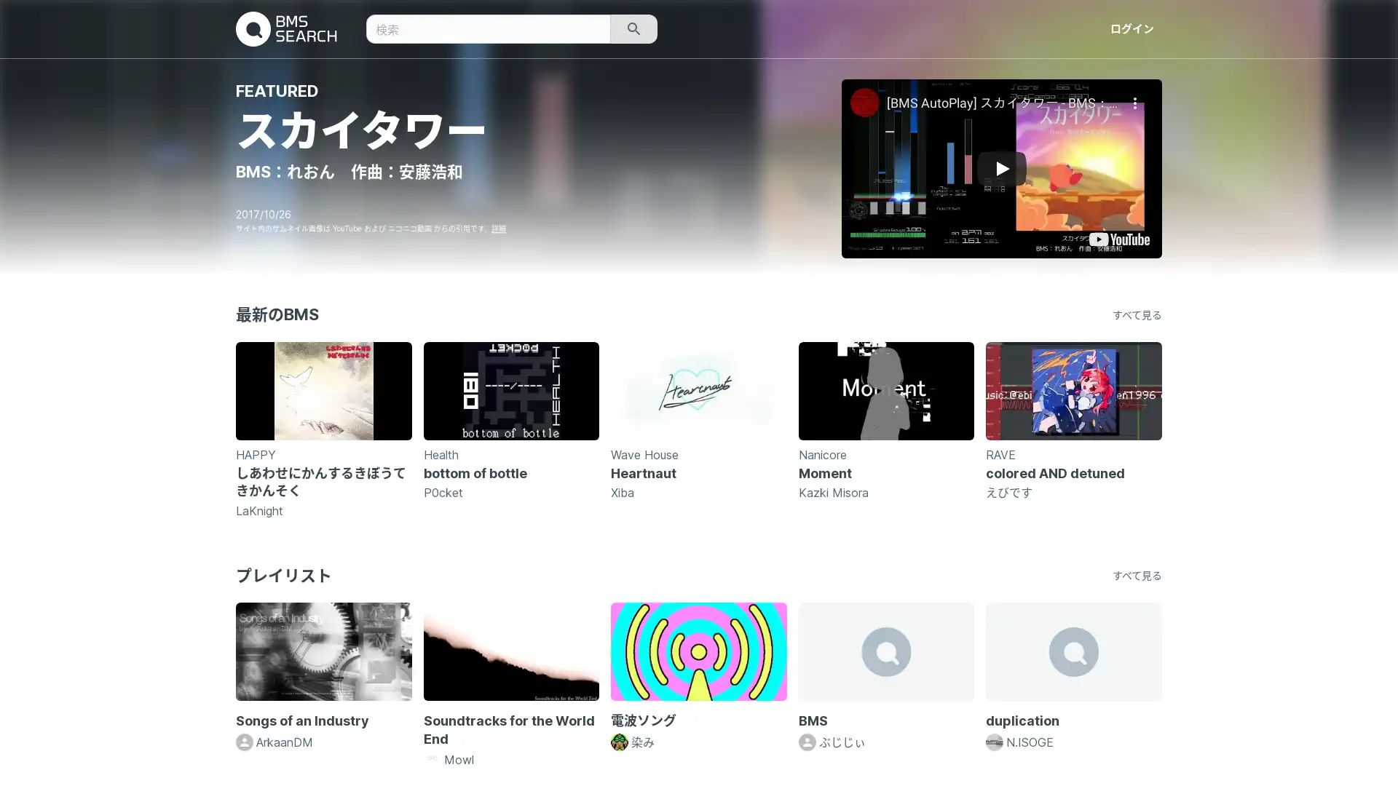 The image size is (1398, 786). Describe the element at coordinates (885, 429) in the screenshot. I see `Nanicore Moment Kazki Misora` at that location.